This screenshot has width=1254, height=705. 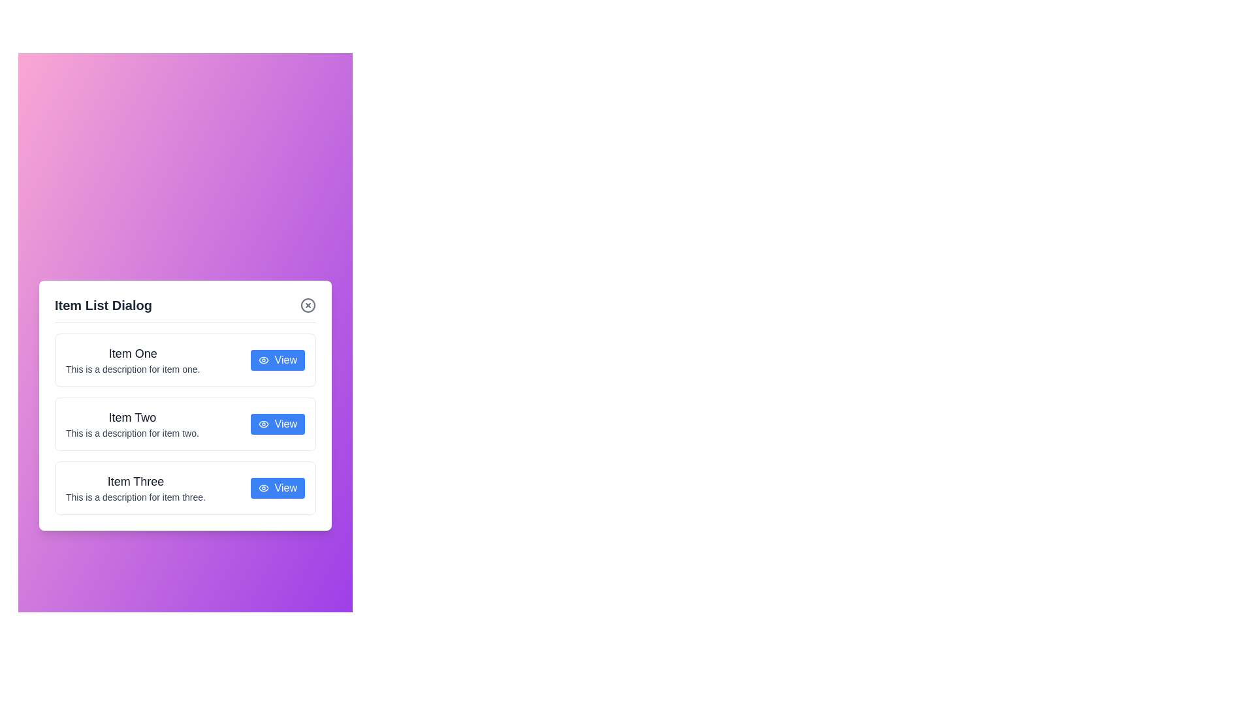 I want to click on the 'View' button for item Item Three, so click(x=277, y=488).